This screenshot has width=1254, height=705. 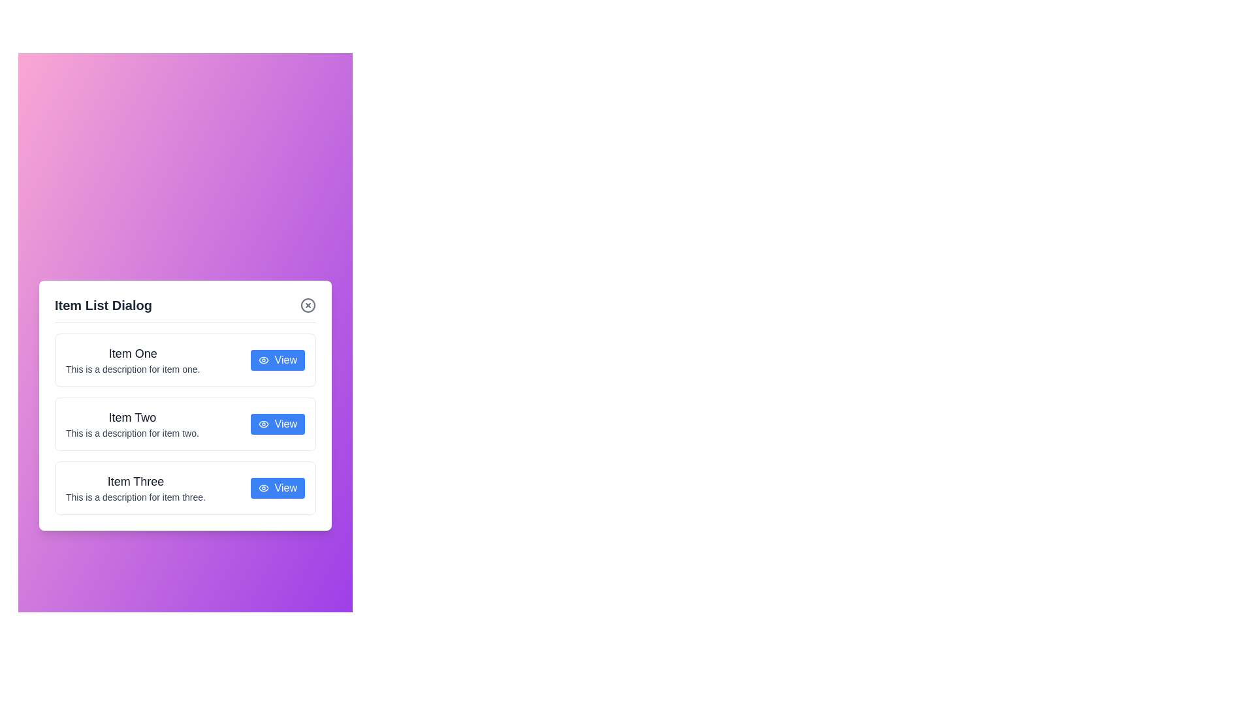 I want to click on the 'View' button for item Item Three, so click(x=277, y=488).